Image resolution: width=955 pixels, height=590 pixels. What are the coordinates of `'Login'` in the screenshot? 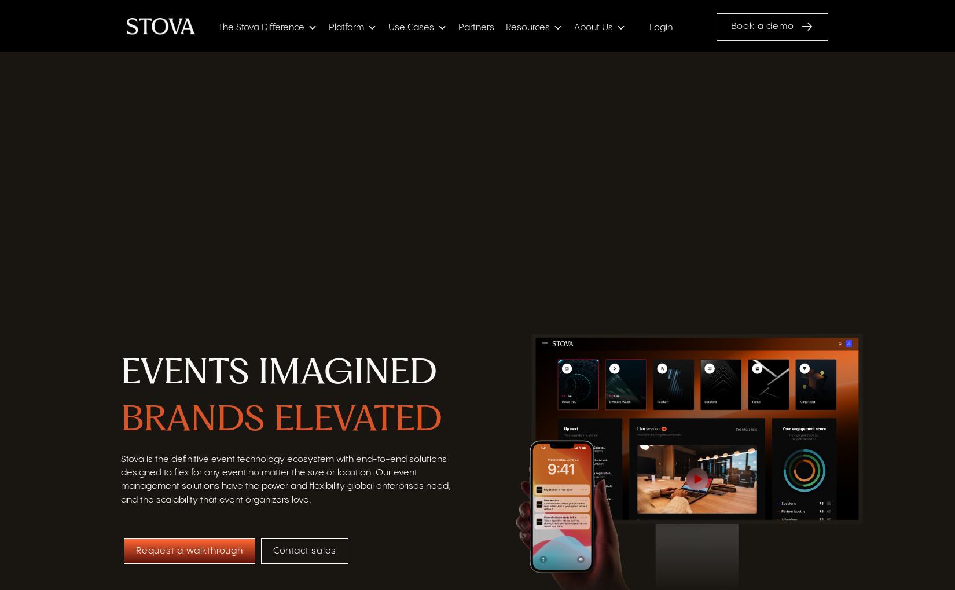 It's located at (660, 28).